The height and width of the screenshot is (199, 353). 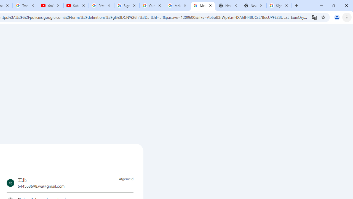 What do you see at coordinates (253, 6) in the screenshot?
I see `'New Tab'` at bounding box center [253, 6].